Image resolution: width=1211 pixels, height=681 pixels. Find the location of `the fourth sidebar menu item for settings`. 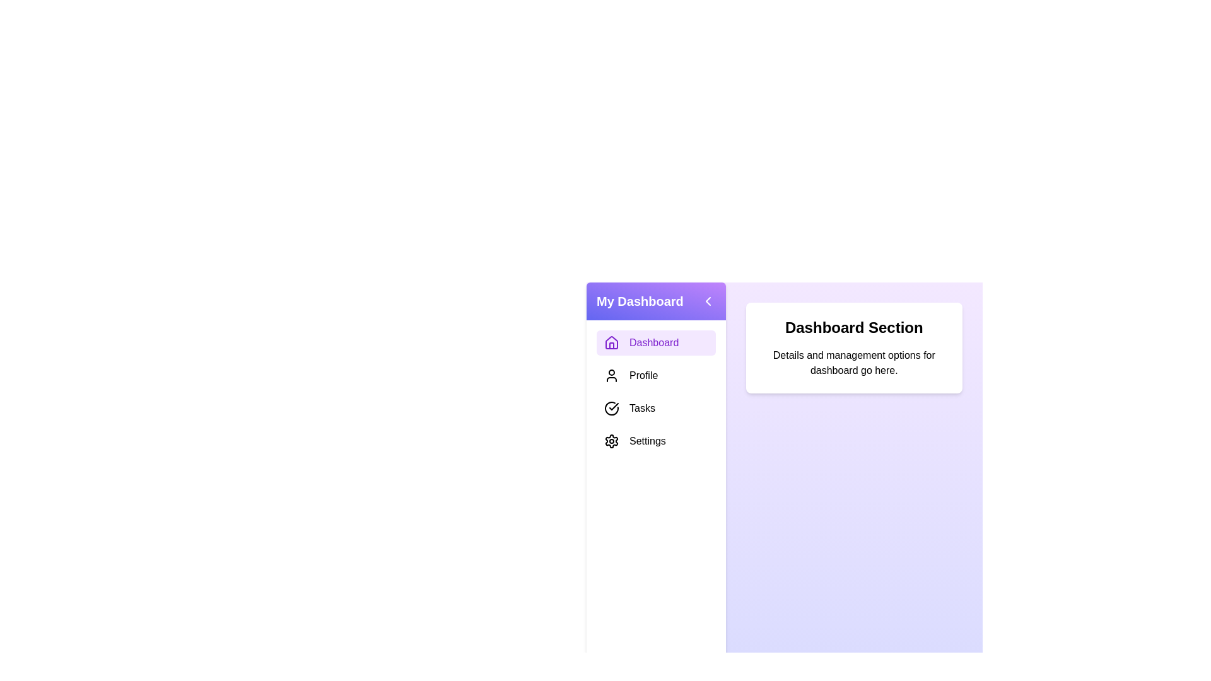

the fourth sidebar menu item for settings is located at coordinates (647, 440).